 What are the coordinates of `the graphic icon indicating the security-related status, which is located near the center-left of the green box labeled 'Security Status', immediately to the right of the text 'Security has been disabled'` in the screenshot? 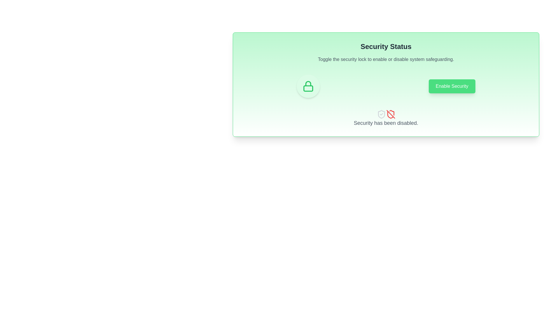 It's located at (381, 114).